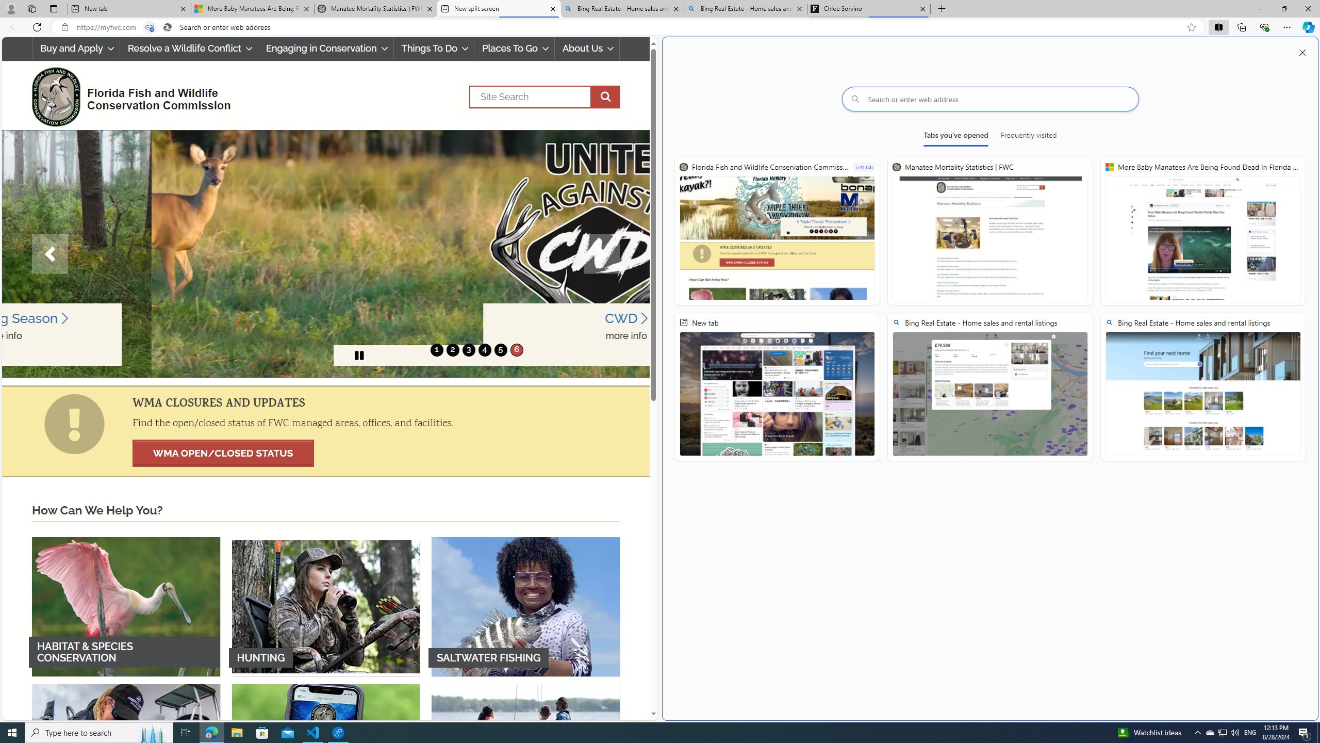 The height and width of the screenshot is (743, 1320). What do you see at coordinates (956, 137) in the screenshot?
I see `'Tabs you'` at bounding box center [956, 137].